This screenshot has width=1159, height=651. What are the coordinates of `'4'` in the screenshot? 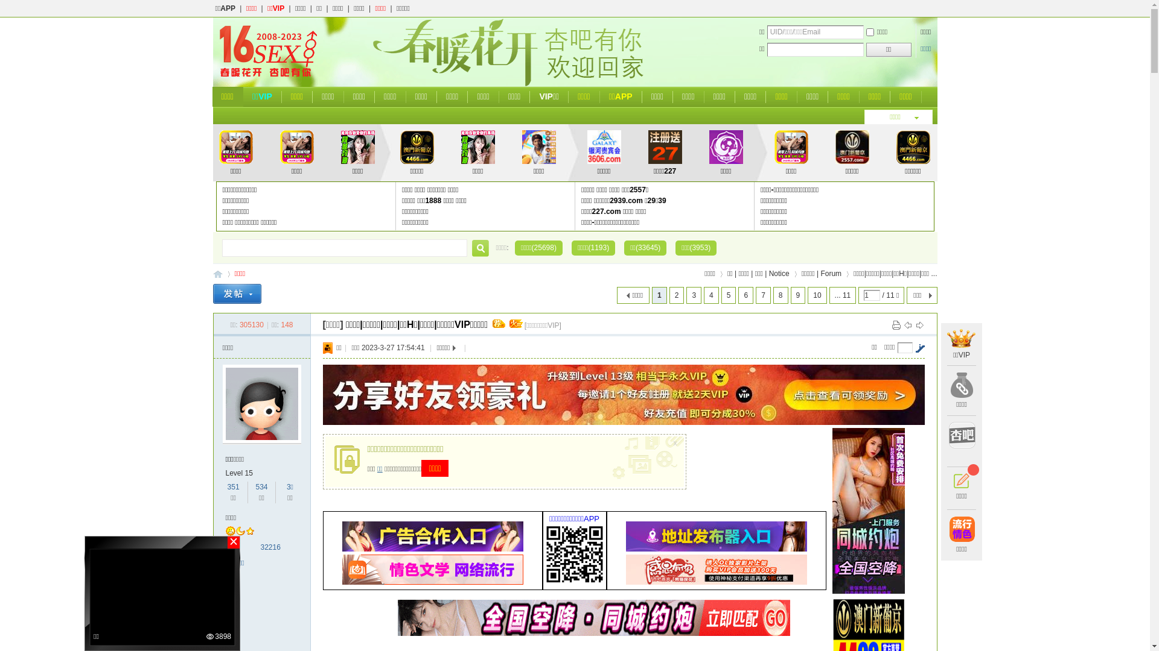 It's located at (711, 295).